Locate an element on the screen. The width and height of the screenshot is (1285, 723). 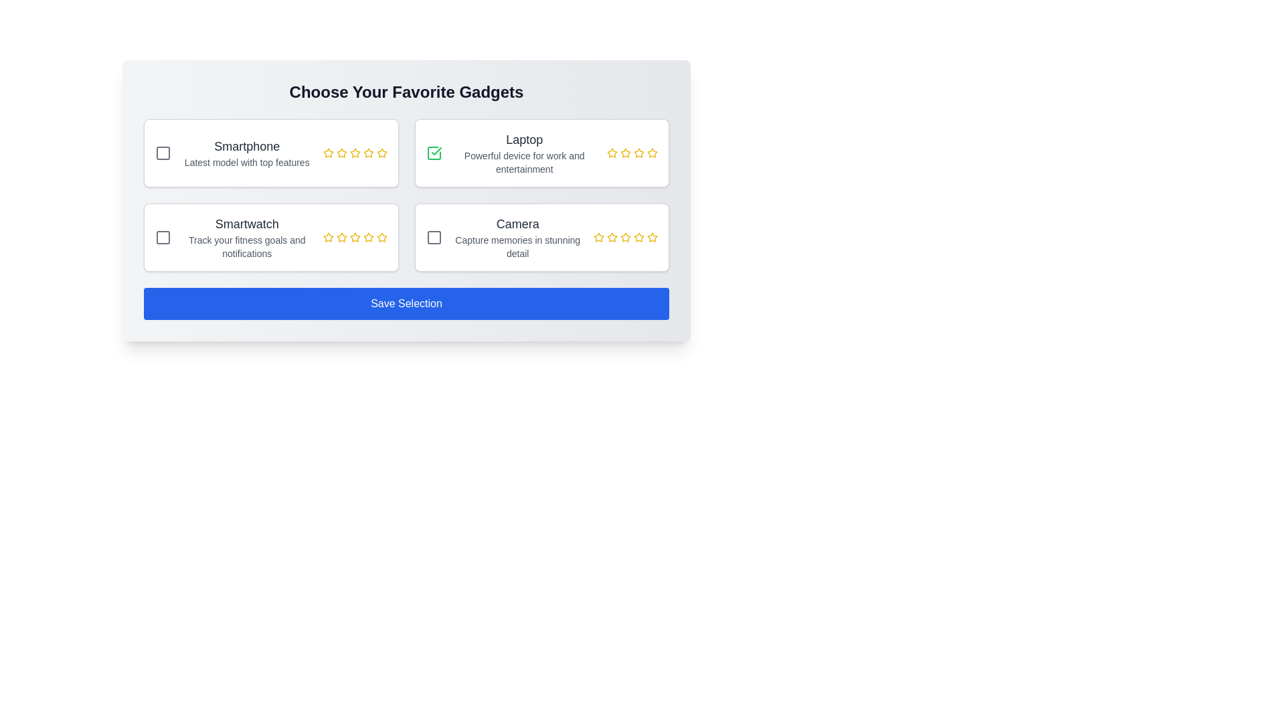
the specific star in the Rating Component for the 'Laptop' product to set the rating is located at coordinates (632, 152).